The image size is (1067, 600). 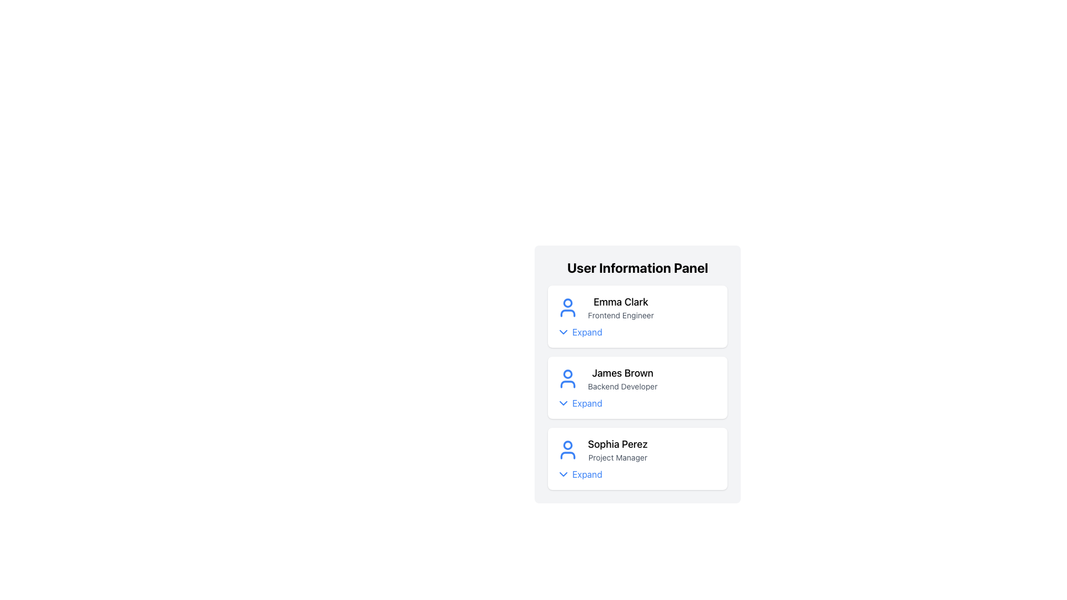 What do you see at coordinates (622, 378) in the screenshot?
I see `the Text Label that displays the name and job title of a user, located in the User Information Panel, specifically the second entry below 'Emma Clark' and above 'Sophia Perez'` at bounding box center [622, 378].